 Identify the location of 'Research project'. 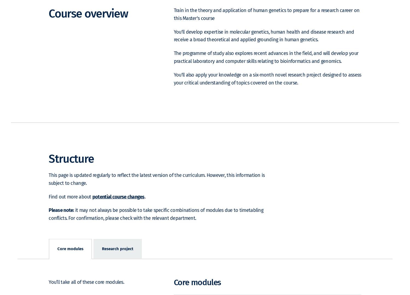
(118, 256).